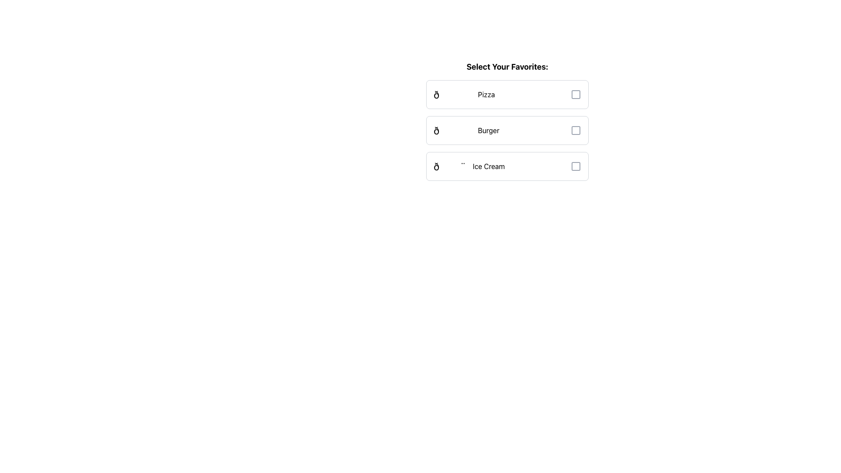 This screenshot has width=841, height=473. What do you see at coordinates (507, 130) in the screenshot?
I see `the 'Burger' checkbox in the interactive menu` at bounding box center [507, 130].